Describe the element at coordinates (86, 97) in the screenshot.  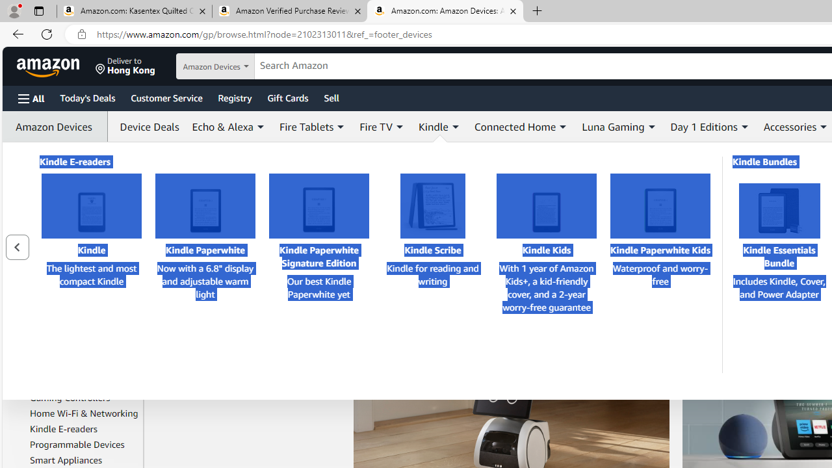
I see `'Today'` at that location.